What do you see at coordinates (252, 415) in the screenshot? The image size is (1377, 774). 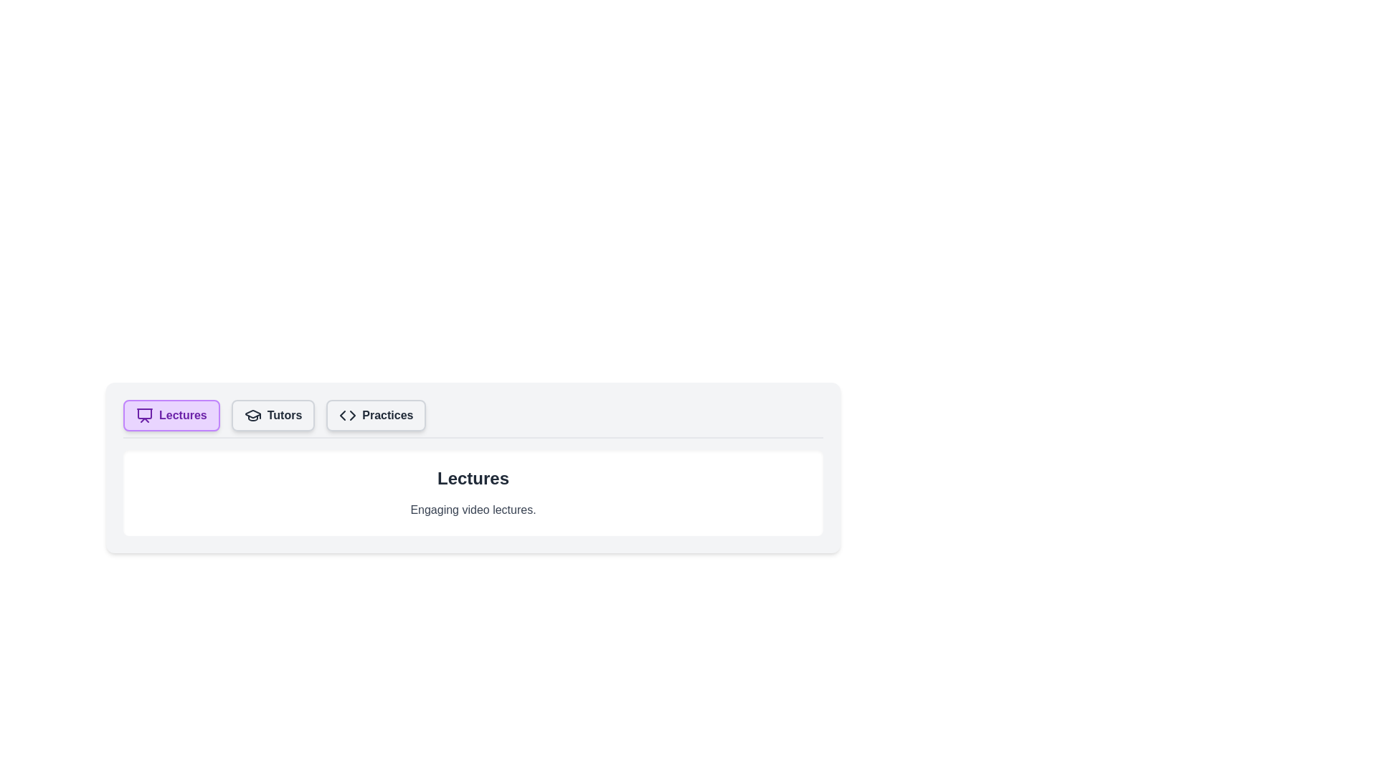 I see `the education icon within the 'Tutors' button located on the navigation panel, which is positioned between the 'Lectures' and 'Practices' buttons` at bounding box center [252, 415].